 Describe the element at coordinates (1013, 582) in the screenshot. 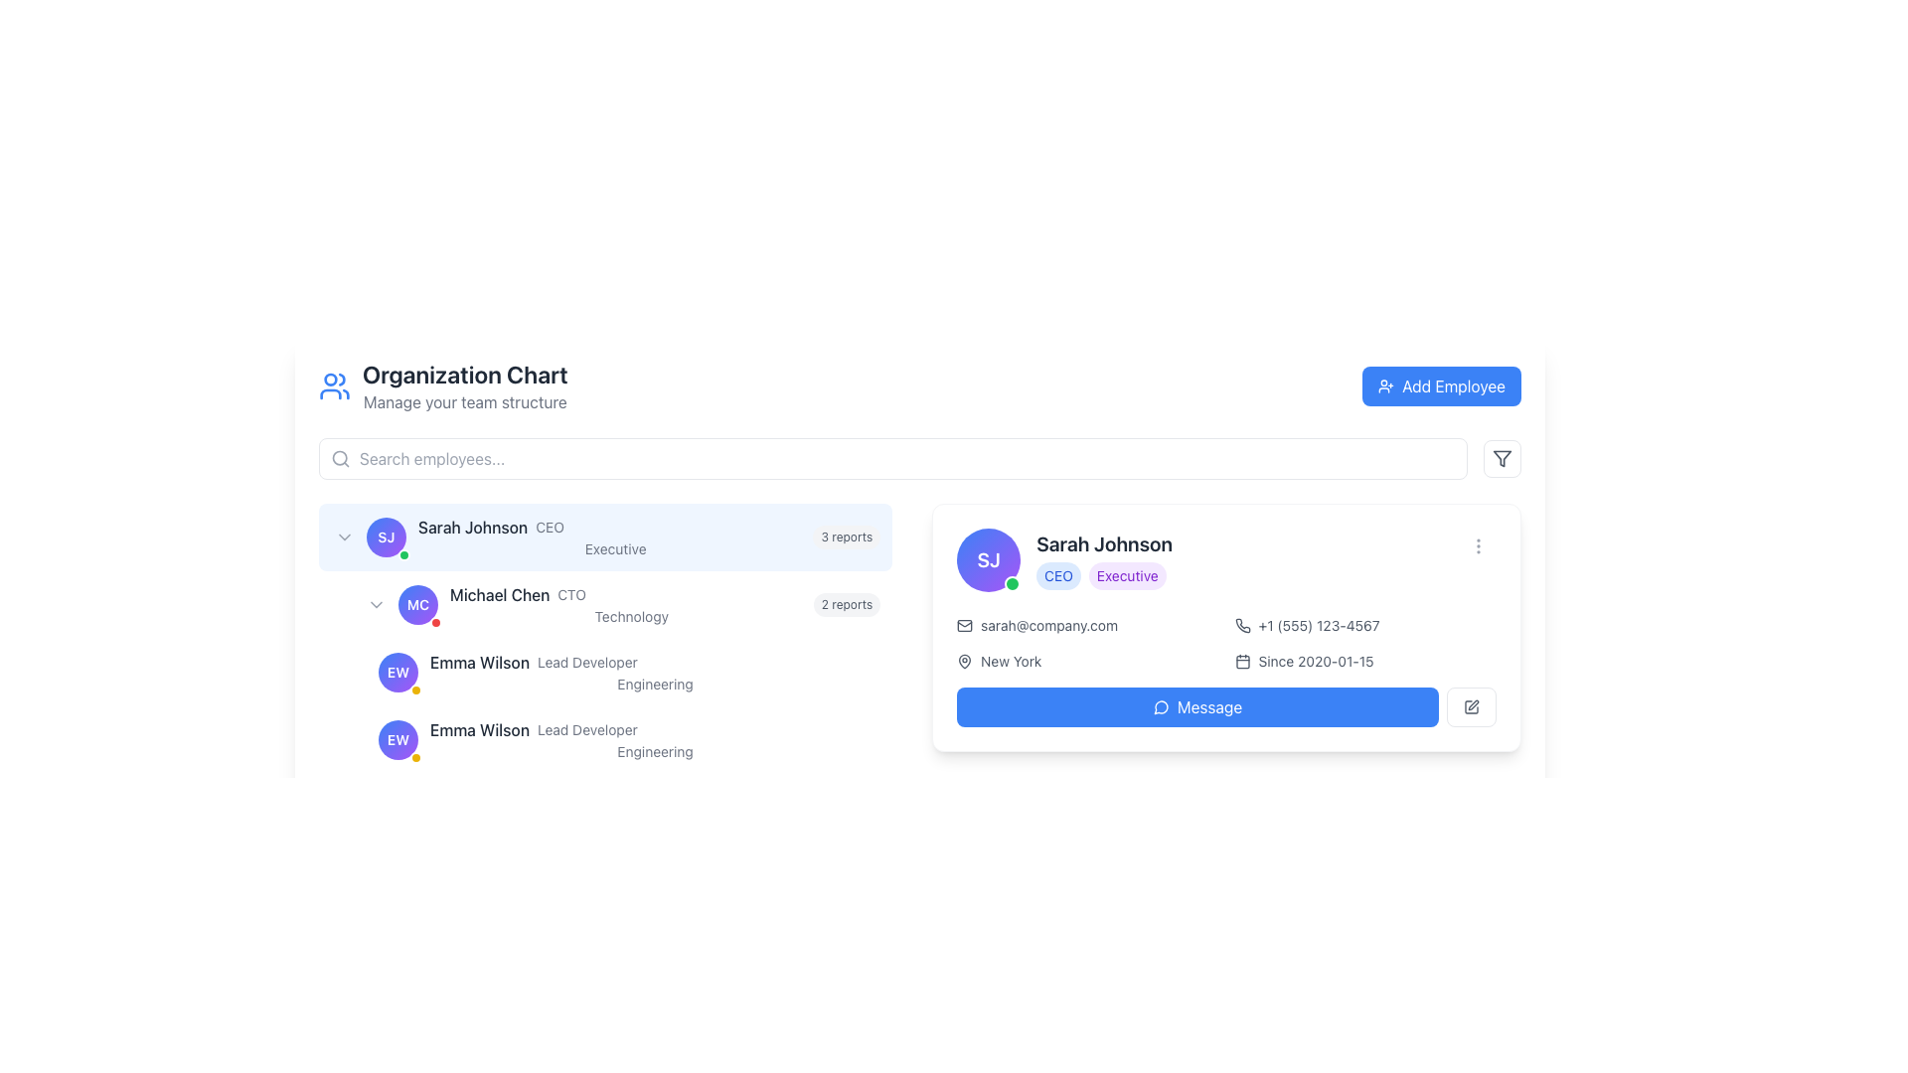

I see `the small green circular Status Indicator with a white border located at the bottom-right corner of the profile picture labeled 'SJ'` at that location.